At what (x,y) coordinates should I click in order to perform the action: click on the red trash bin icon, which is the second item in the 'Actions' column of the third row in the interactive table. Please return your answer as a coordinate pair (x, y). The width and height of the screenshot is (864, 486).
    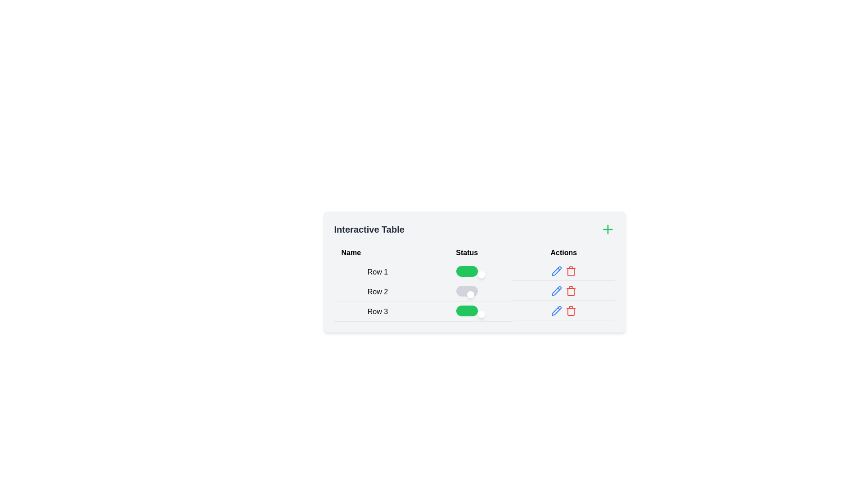
    Looking at the image, I should click on (570, 291).